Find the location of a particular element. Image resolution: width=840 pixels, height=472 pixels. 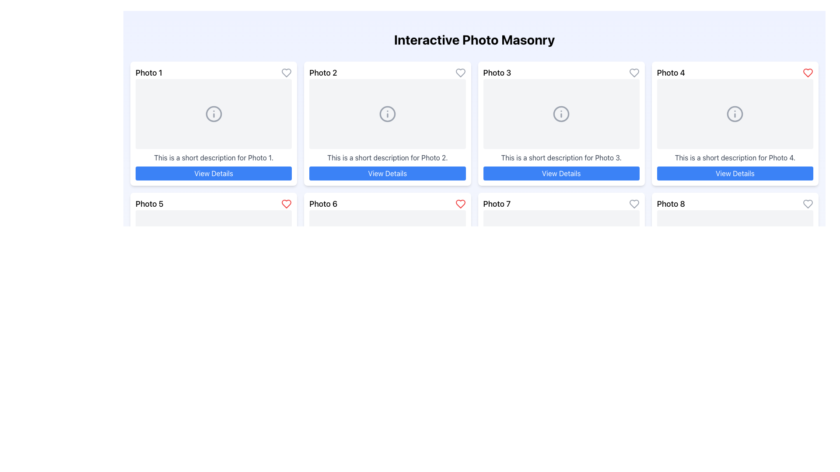

the informational icon located in the second card from the left in the top row of the grid layout is located at coordinates (387, 114).